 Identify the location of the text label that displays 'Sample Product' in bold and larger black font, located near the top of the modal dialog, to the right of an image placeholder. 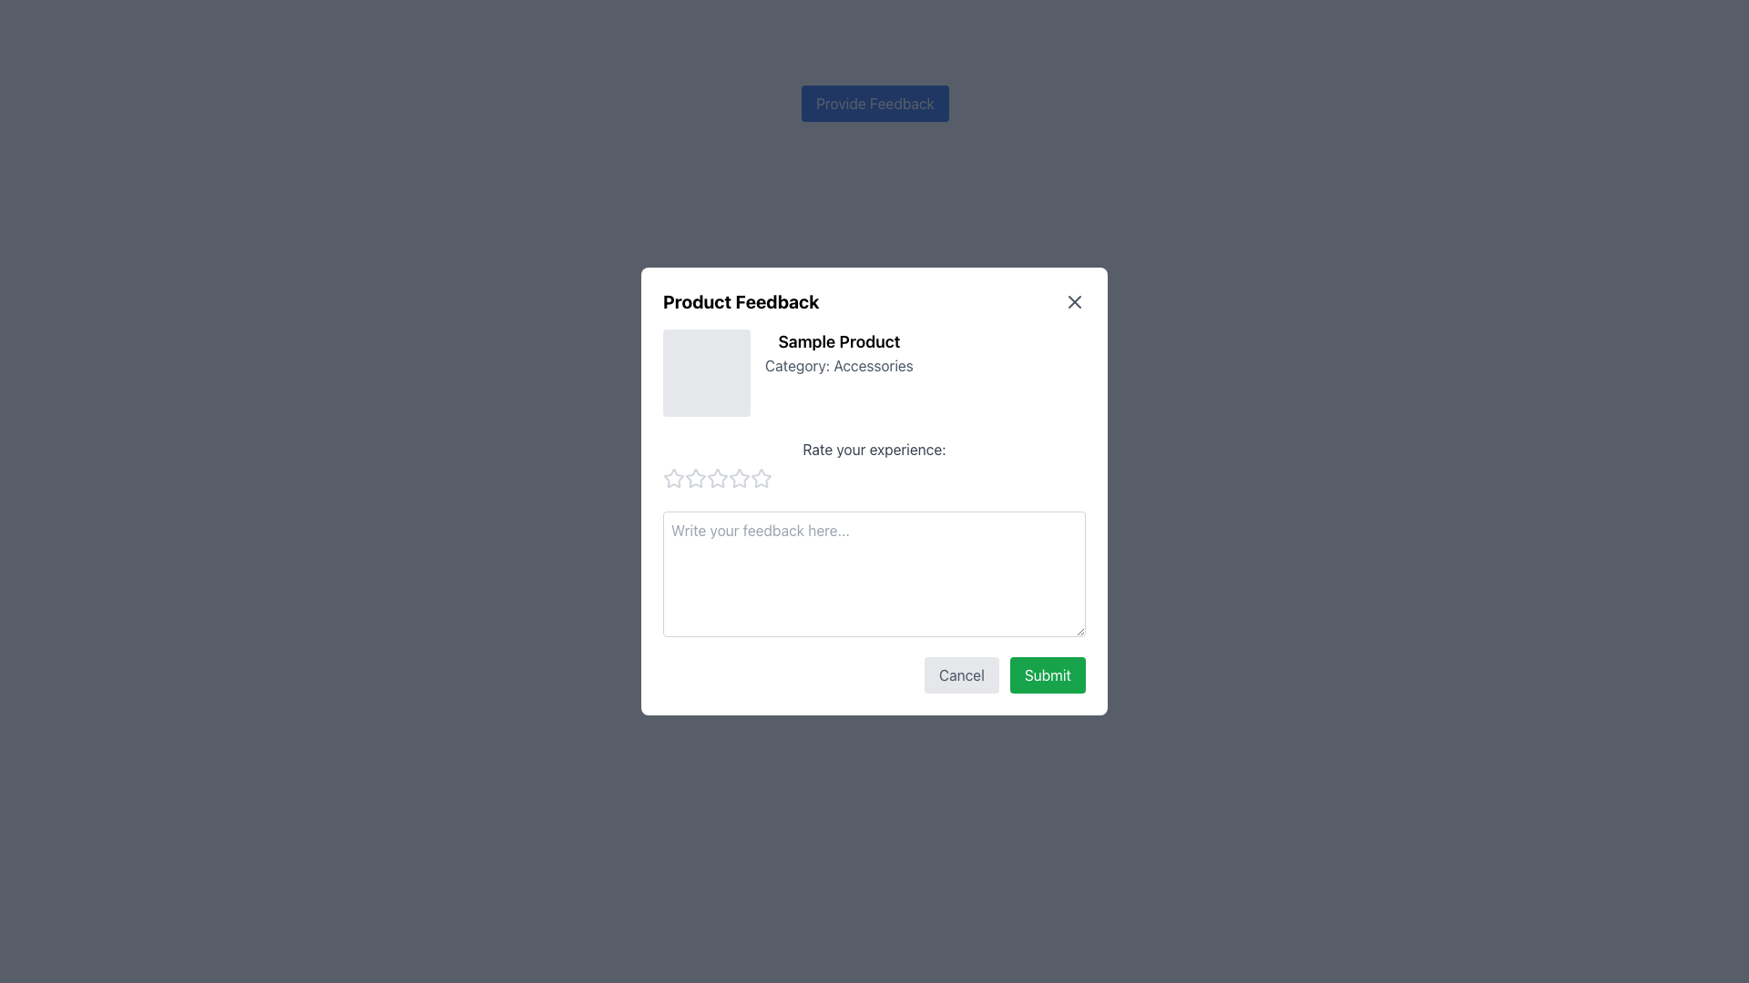
(838, 341).